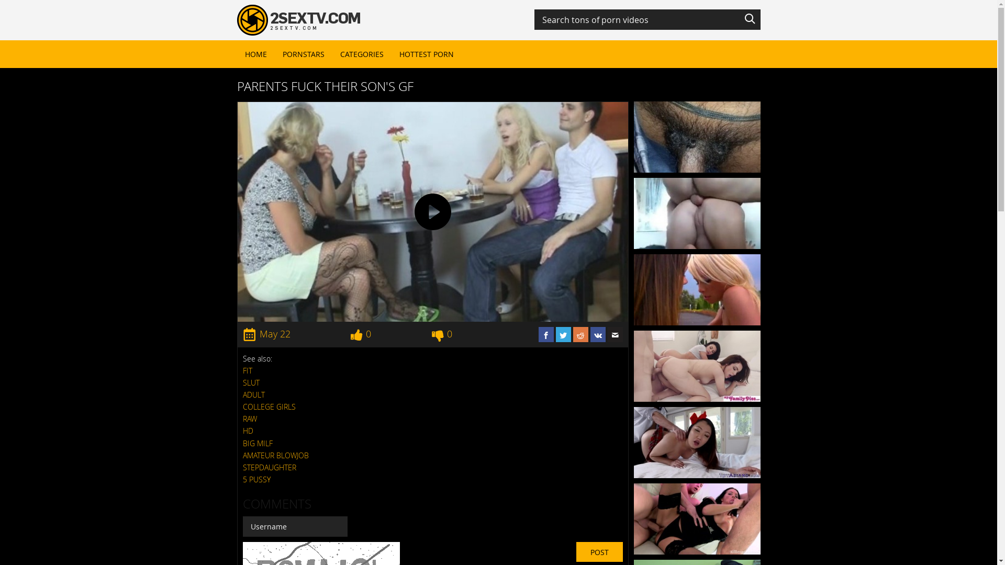 The height and width of the screenshot is (565, 1005). What do you see at coordinates (269, 406) in the screenshot?
I see `'COLLEGE GIRLS'` at bounding box center [269, 406].